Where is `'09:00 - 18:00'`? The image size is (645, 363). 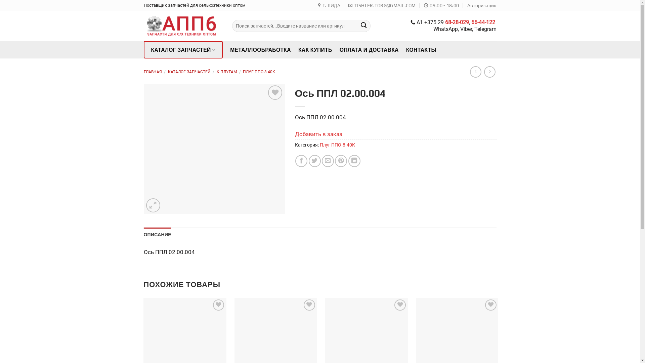
'09:00 - 18:00' is located at coordinates (424, 5).